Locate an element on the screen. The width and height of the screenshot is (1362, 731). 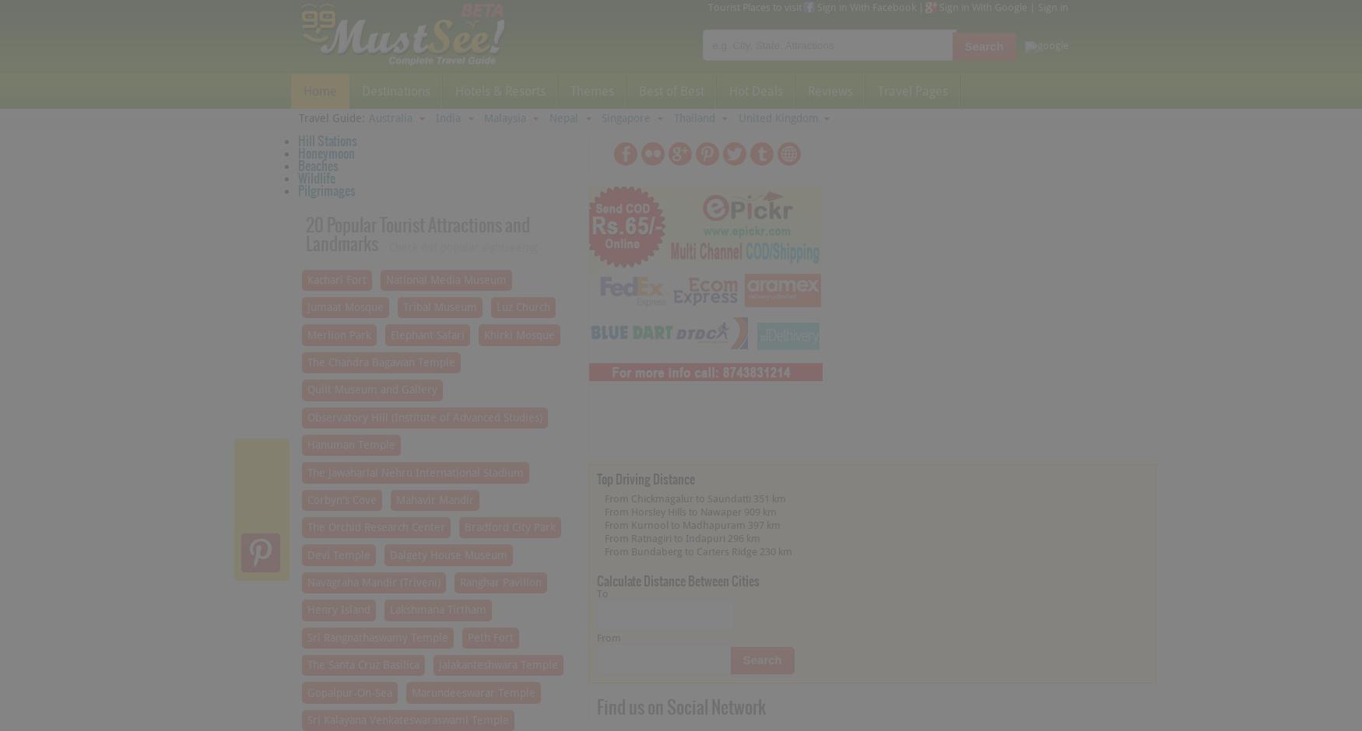
'Calculate Distance Between Cities' is located at coordinates (677, 579).